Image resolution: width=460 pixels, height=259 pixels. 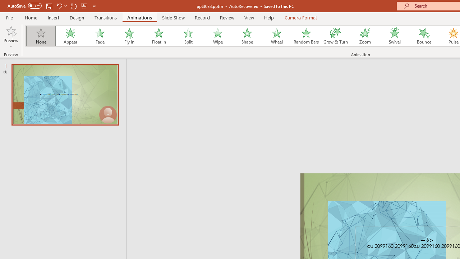 What do you see at coordinates (188, 36) in the screenshot?
I see `'Split'` at bounding box center [188, 36].